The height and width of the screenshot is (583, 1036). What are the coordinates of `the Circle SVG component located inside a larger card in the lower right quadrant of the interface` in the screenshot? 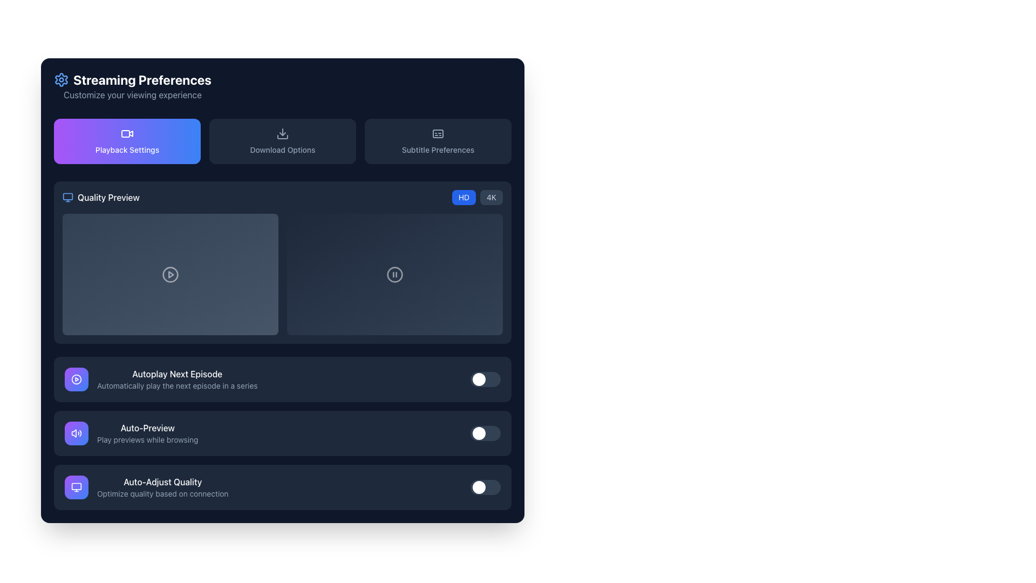 It's located at (394, 274).